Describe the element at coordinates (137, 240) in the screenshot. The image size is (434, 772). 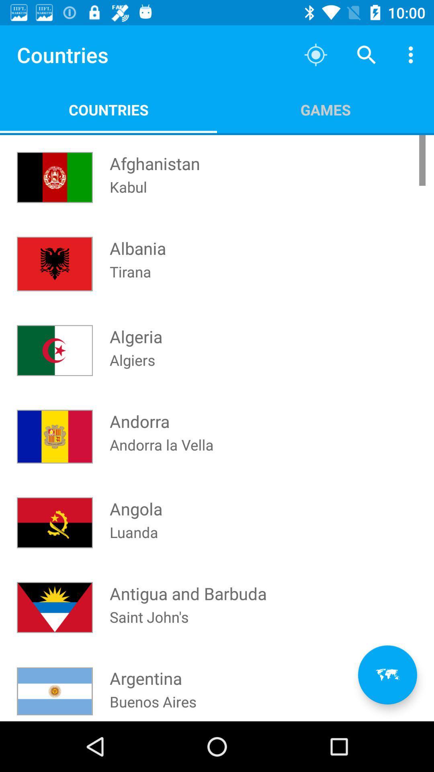
I see `albania item` at that location.